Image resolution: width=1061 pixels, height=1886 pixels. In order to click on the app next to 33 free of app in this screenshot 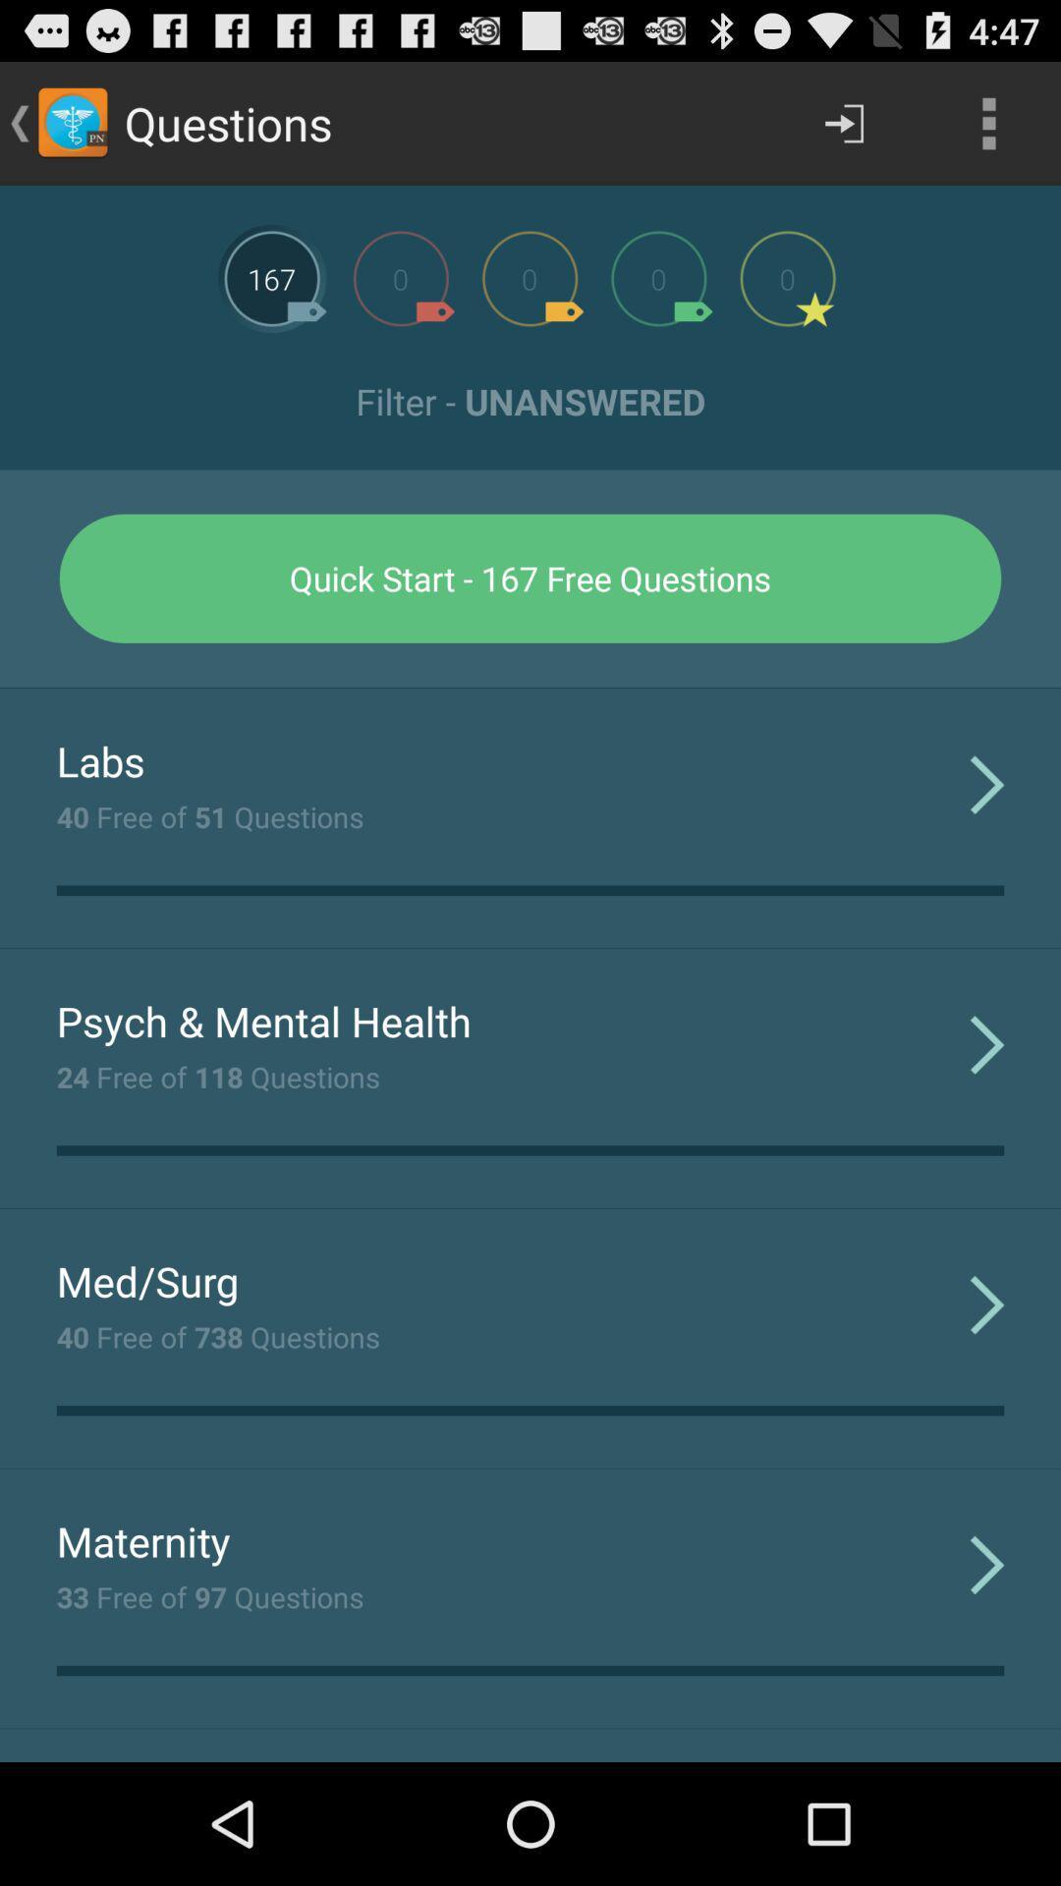, I will do `click(987, 1563)`.